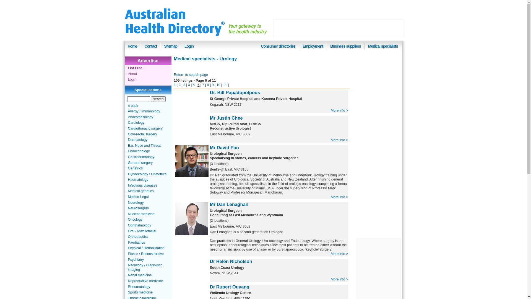 This screenshot has width=531, height=299. What do you see at coordinates (127, 196) in the screenshot?
I see `'Medico-Legal'` at bounding box center [127, 196].